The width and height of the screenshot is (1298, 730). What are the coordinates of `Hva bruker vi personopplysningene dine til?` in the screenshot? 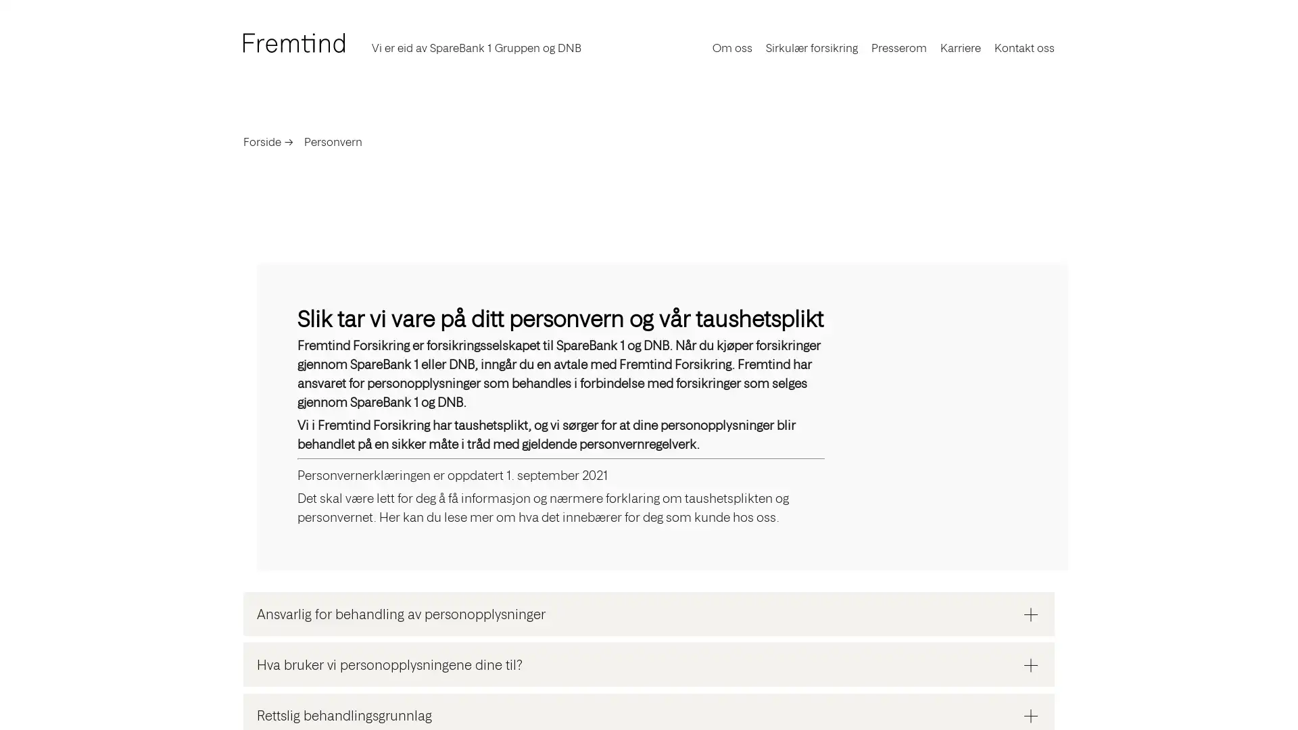 It's located at (649, 664).